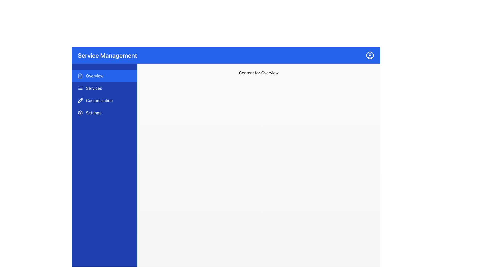 The height and width of the screenshot is (277, 493). I want to click on the third navigation item in the vertical menu, labeled 'Customization' with a blue background and a pencil icon, so click(104, 101).